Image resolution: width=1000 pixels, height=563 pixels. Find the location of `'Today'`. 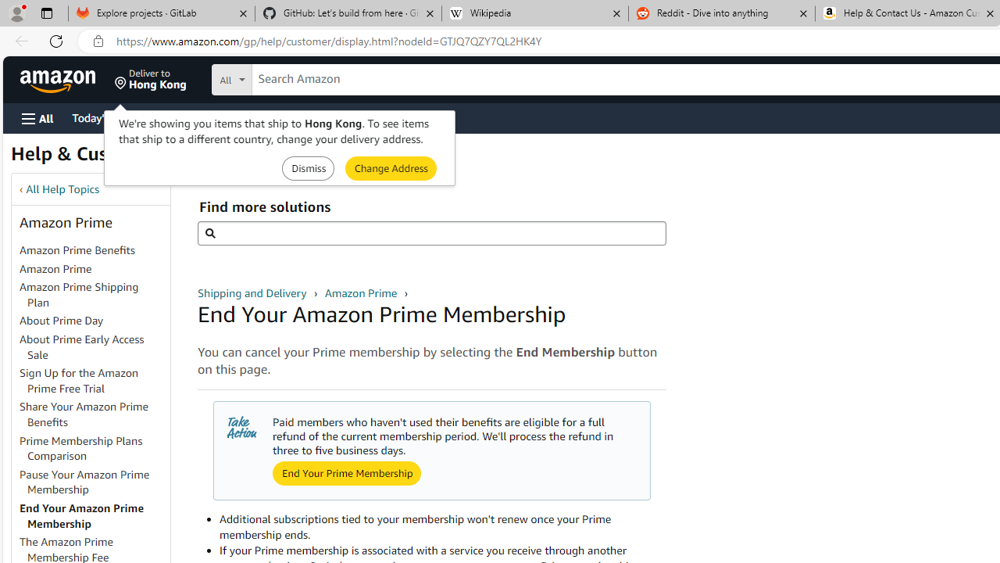

'Today' is located at coordinates (104, 117).